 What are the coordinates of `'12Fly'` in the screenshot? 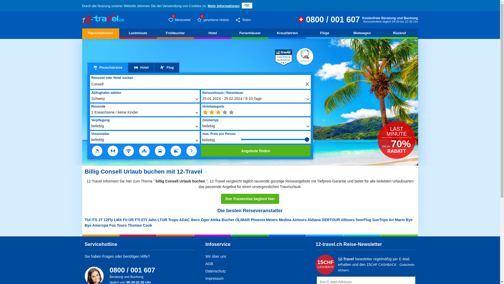 It's located at (108, 220).